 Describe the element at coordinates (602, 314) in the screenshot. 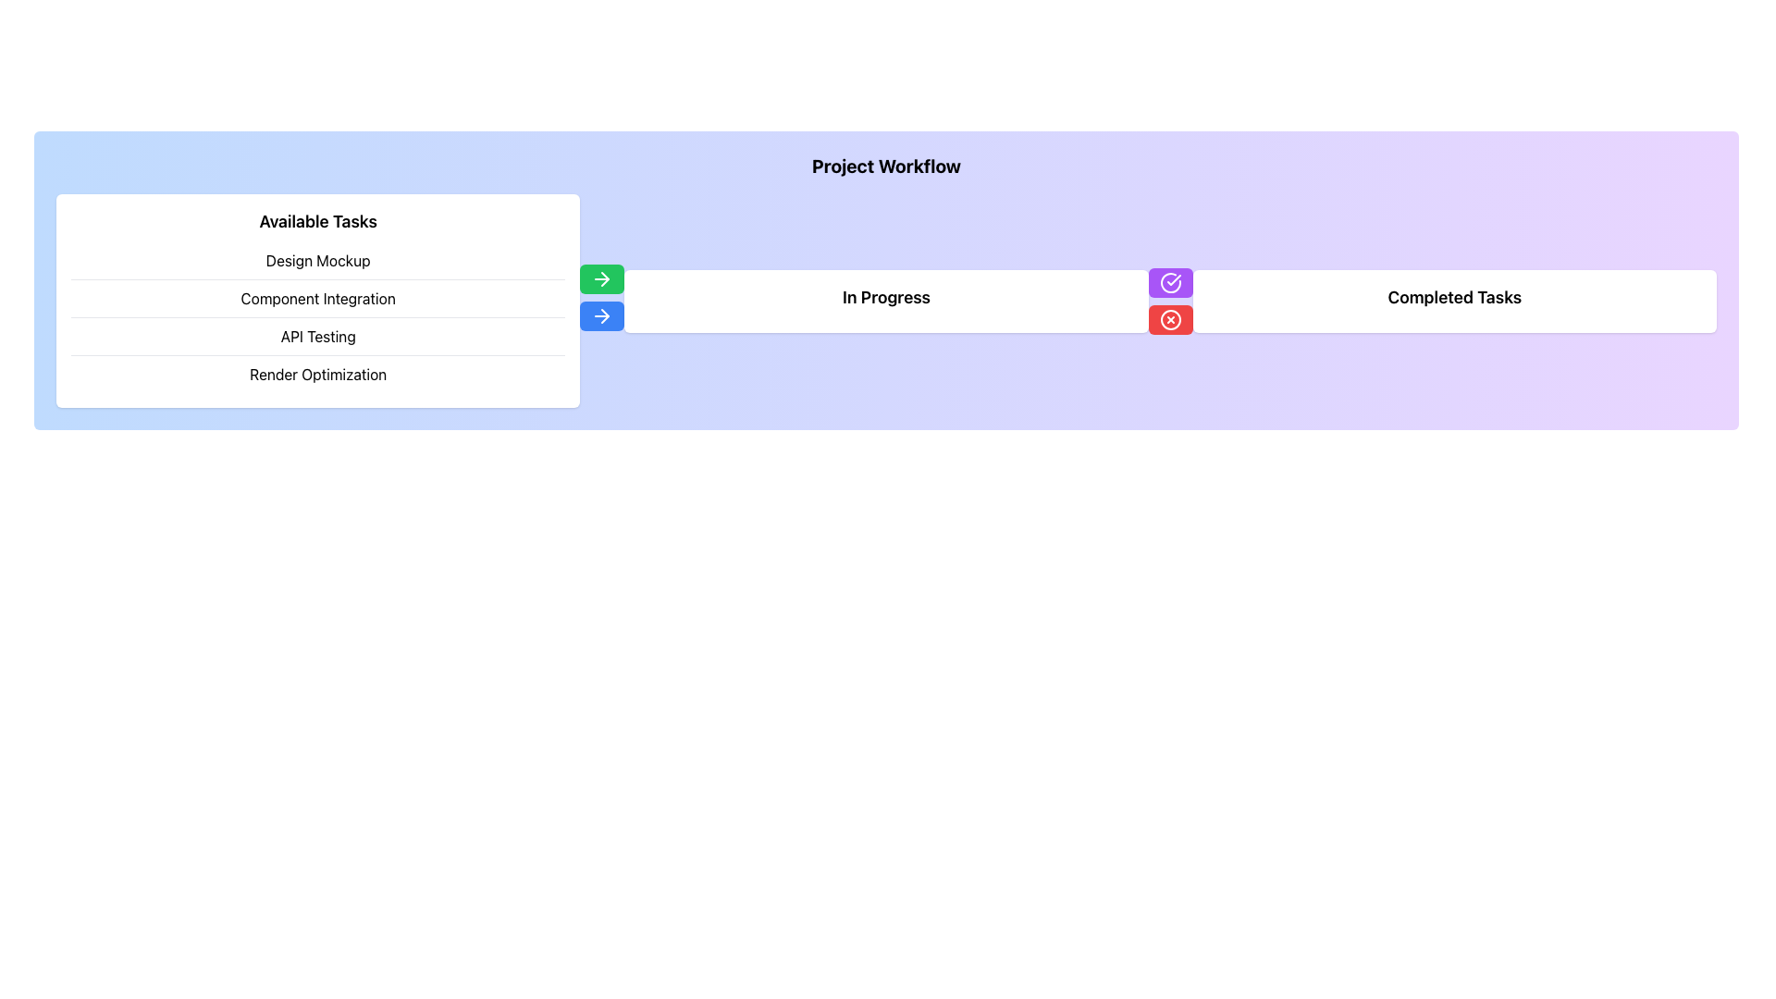

I see `the right-arrow icon within the blue button located to the right of the 'API Testing' task in the 'Available Tasks' section to initiate the transition of the task` at that location.